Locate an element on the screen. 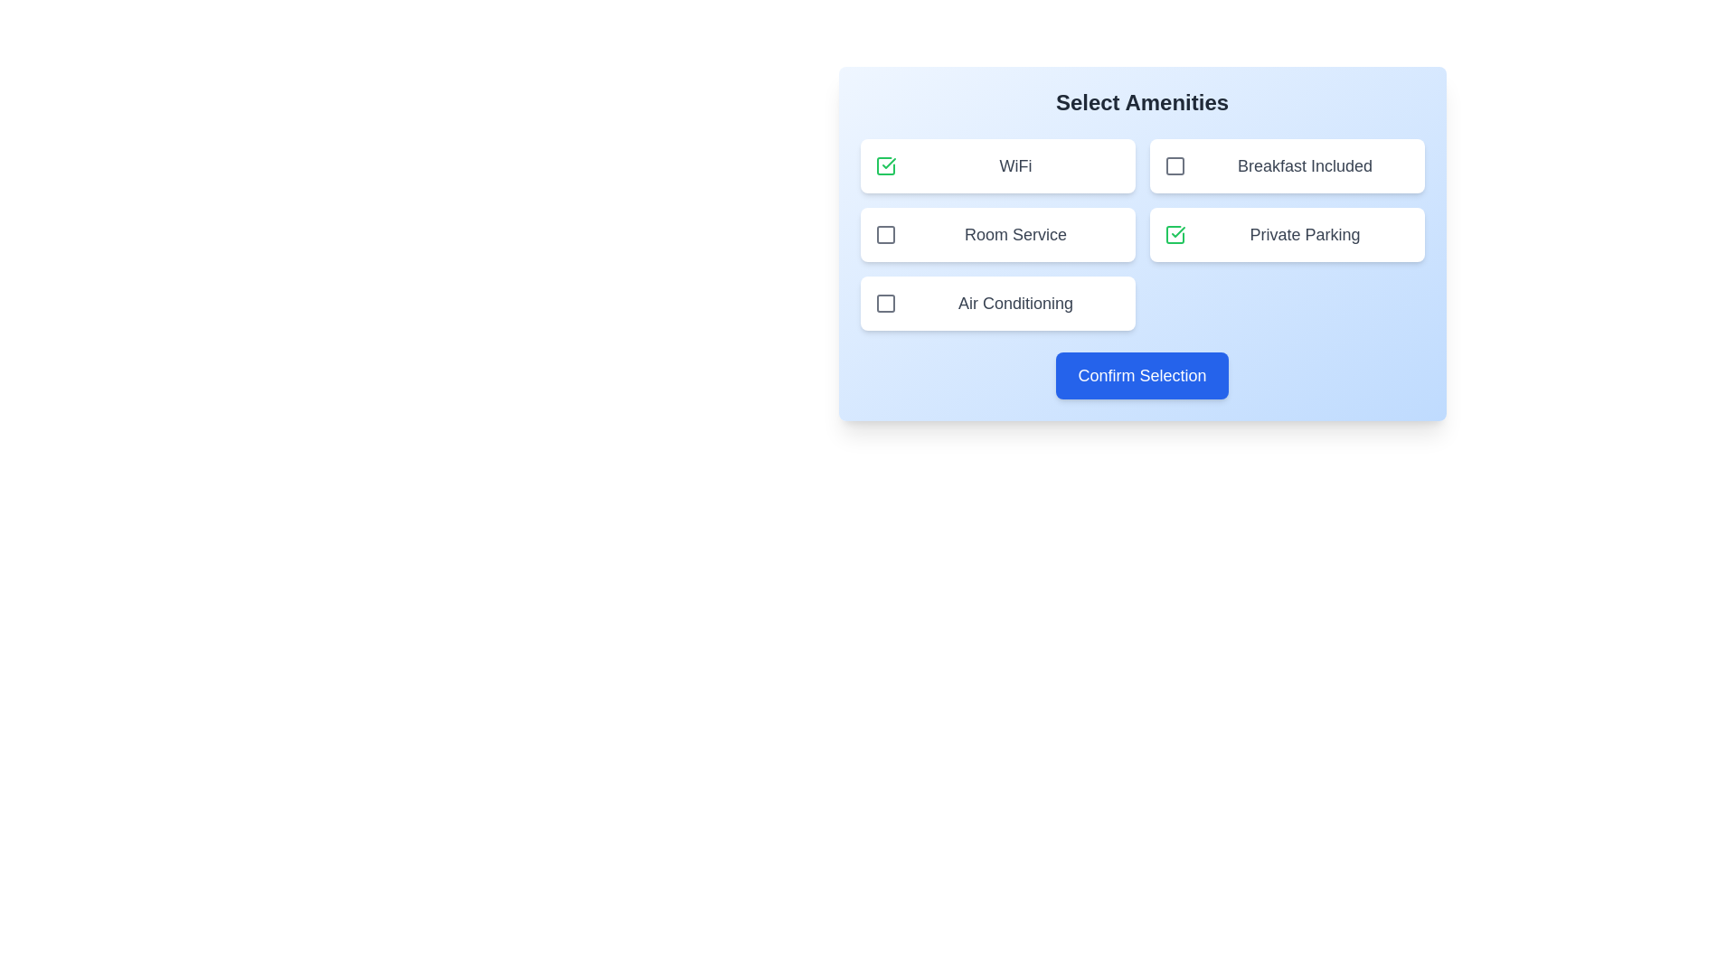 This screenshot has width=1736, height=976. the checkbox icon to the left of the 'Room Service' text is located at coordinates (885, 233).